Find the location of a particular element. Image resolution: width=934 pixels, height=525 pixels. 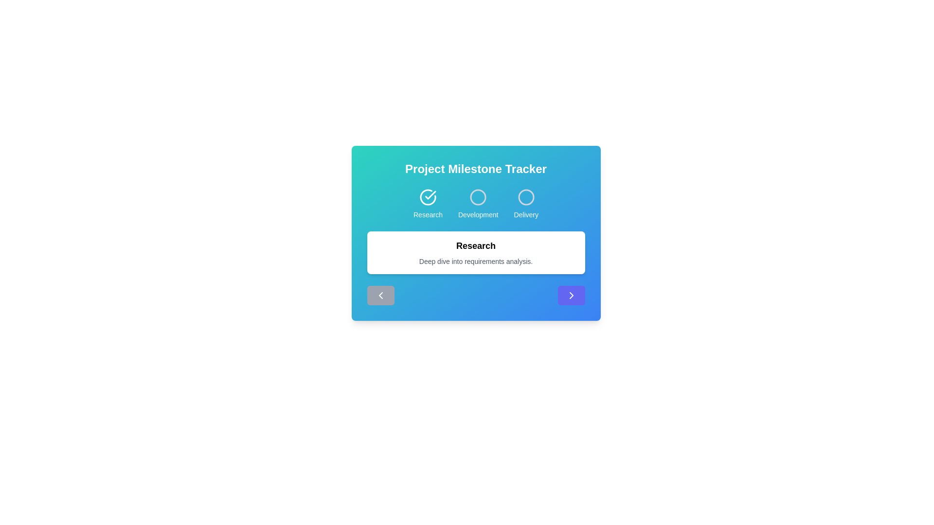

the left-pointing arrow icon, which is a simple, thin, black line located centrally inside a light gray rectangular button in the bottom-left corner of the card interface is located at coordinates (380, 295).